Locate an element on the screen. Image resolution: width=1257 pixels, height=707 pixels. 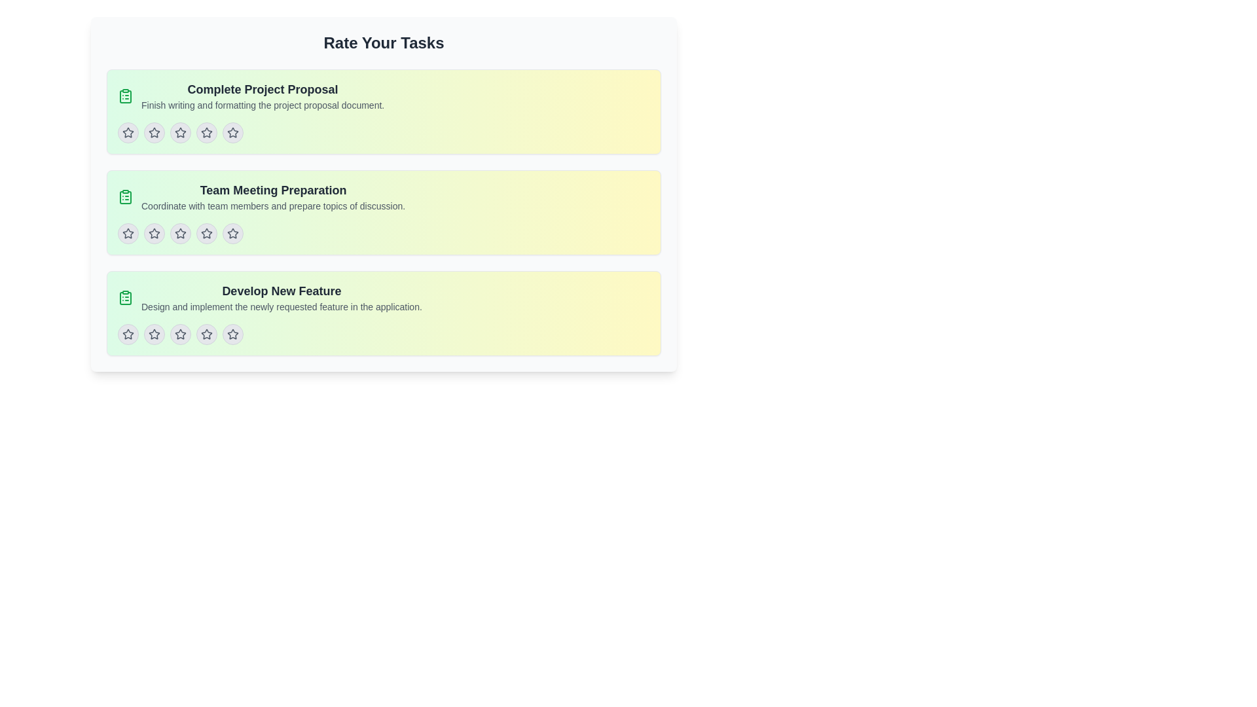
the green clipboard icon located to the left of the task description titled 'Develop New Feature' in the third task group under 'Rate Your Tasks' is located at coordinates (126, 298).